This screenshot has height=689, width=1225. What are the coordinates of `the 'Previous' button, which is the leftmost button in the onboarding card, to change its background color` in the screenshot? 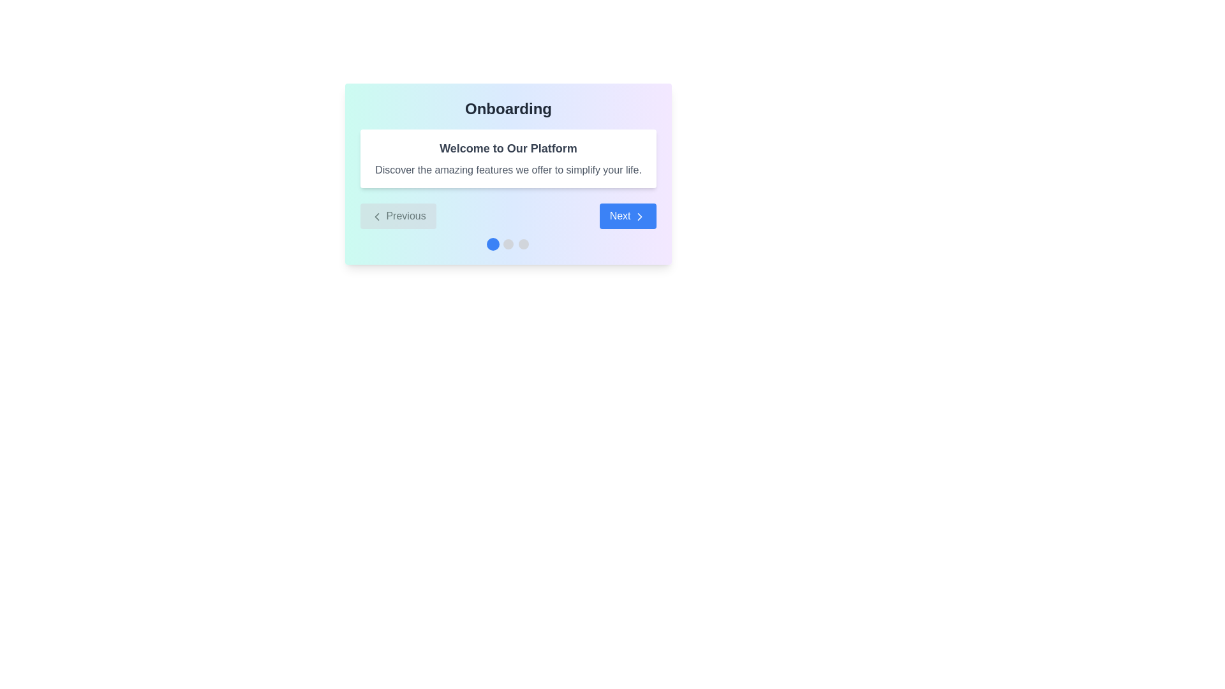 It's located at (397, 216).